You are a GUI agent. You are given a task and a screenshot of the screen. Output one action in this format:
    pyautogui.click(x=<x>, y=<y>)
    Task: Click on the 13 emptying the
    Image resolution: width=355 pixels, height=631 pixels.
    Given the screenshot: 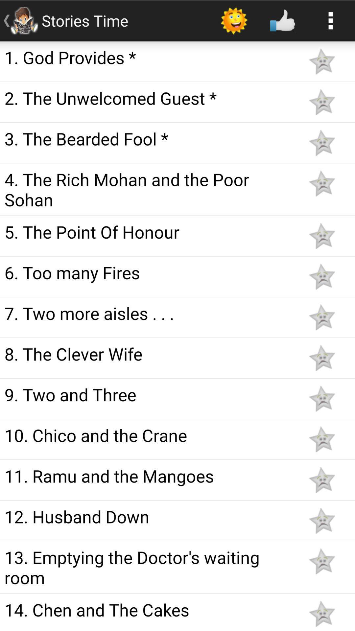 What is the action you would take?
    pyautogui.click(x=149, y=567)
    